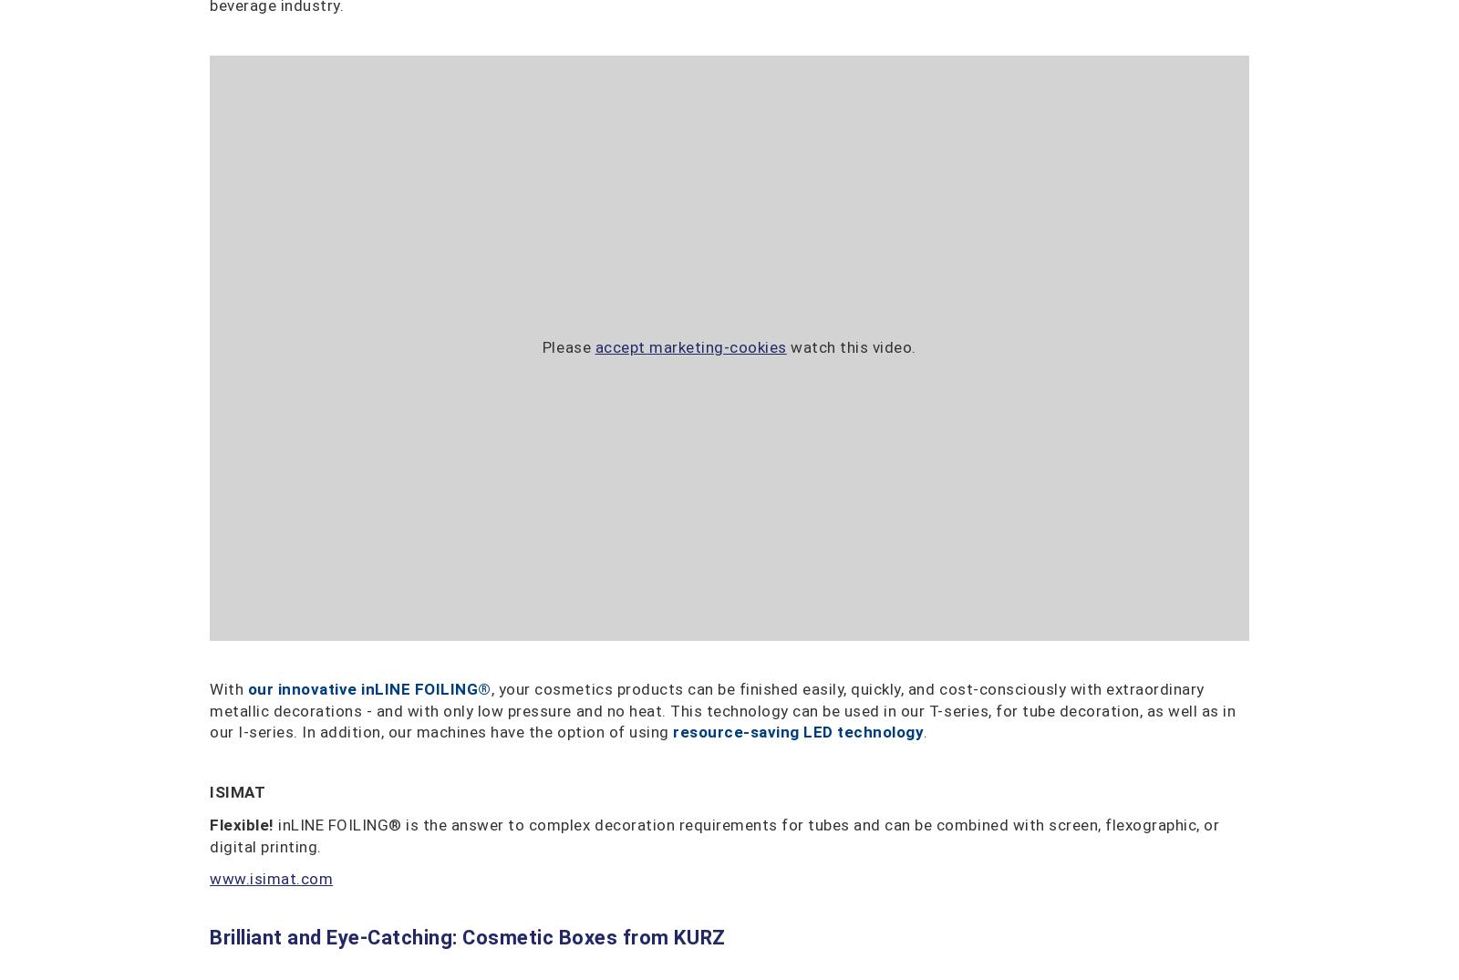 The width and height of the screenshot is (1459, 980). What do you see at coordinates (722, 710) in the screenshot?
I see `', your cosmetics products can be finished easily, quickly, and cost-consciously with extraordinary metallic decorations - and with only low pressure and no heat. This technology can be used in our T-series, for tube decoration, as well as in our I-series. In addition, our machines have the option of using'` at bounding box center [722, 710].